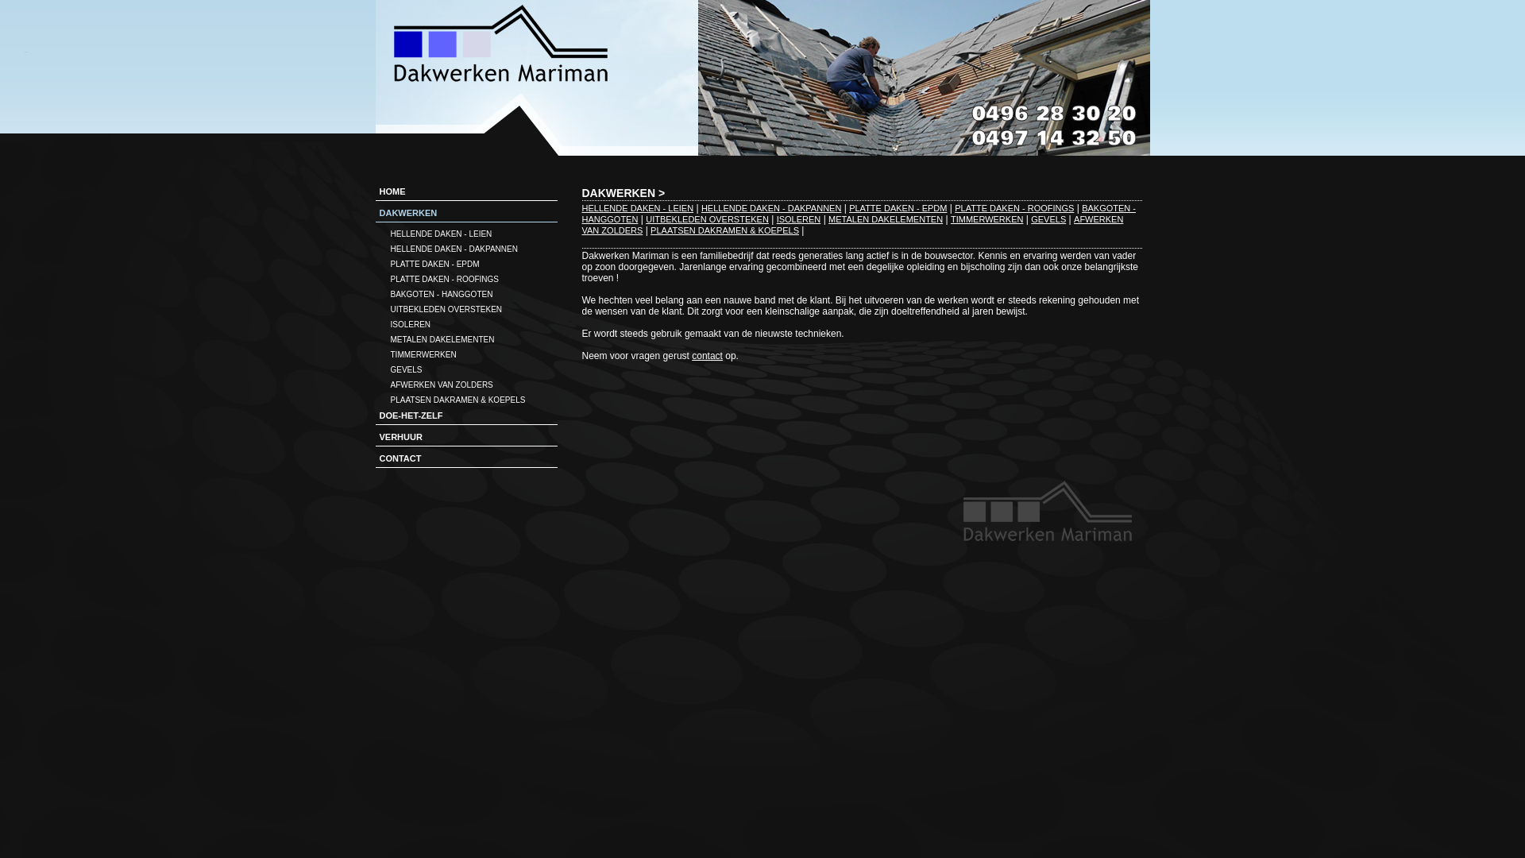  I want to click on 'BAKGOTEN - HANGGOTEN', so click(462, 293).